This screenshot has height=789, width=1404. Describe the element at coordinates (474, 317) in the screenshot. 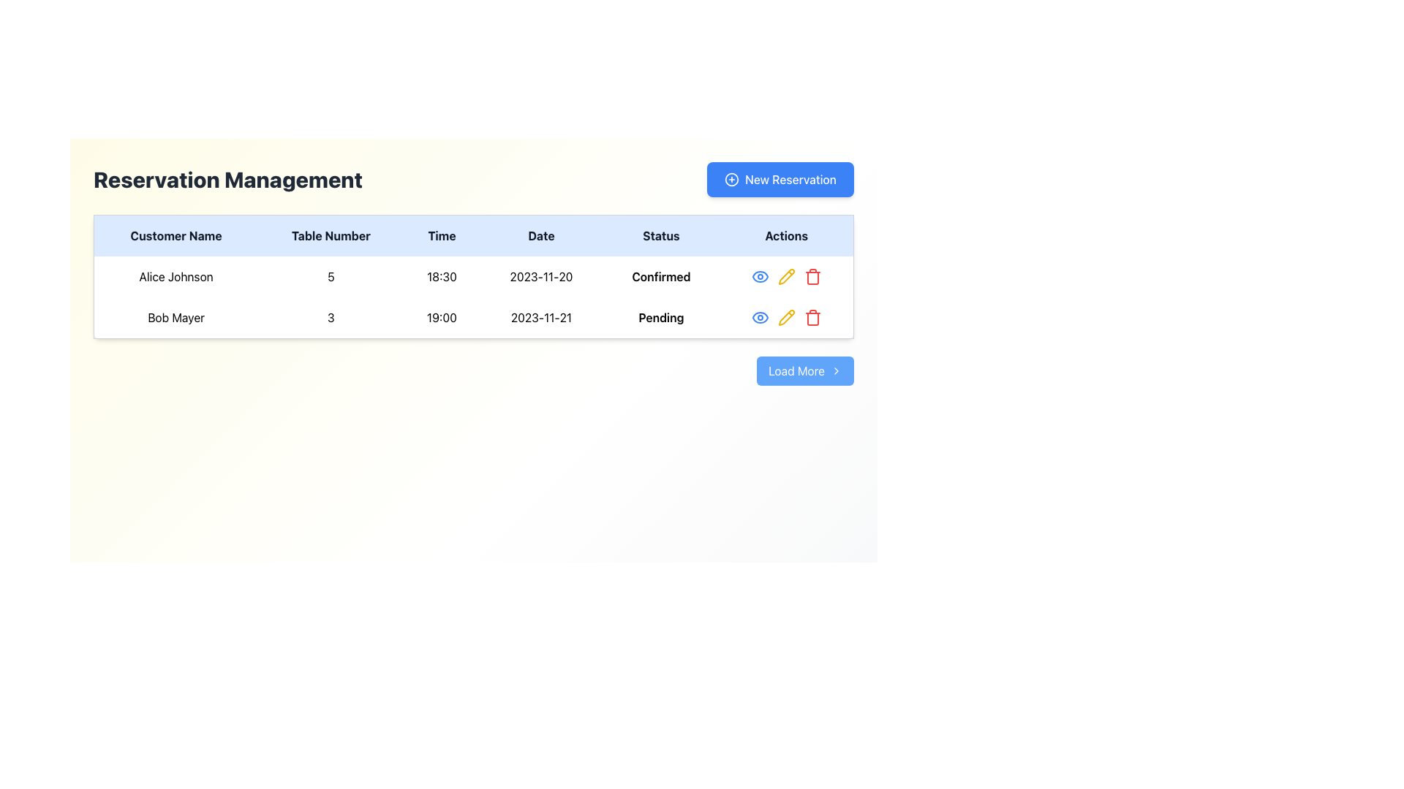

I see `the '19:00' column in the second row of the reservation details table, which contains entries for 'Bob Mayer', '3', '19:00', '2023-11-21', and 'Pending'` at that location.